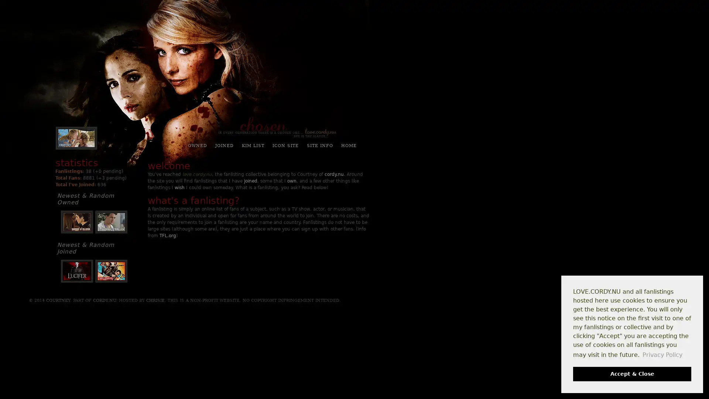 The width and height of the screenshot is (709, 399). Describe the element at coordinates (632, 374) in the screenshot. I see `dismiss cookie message` at that location.